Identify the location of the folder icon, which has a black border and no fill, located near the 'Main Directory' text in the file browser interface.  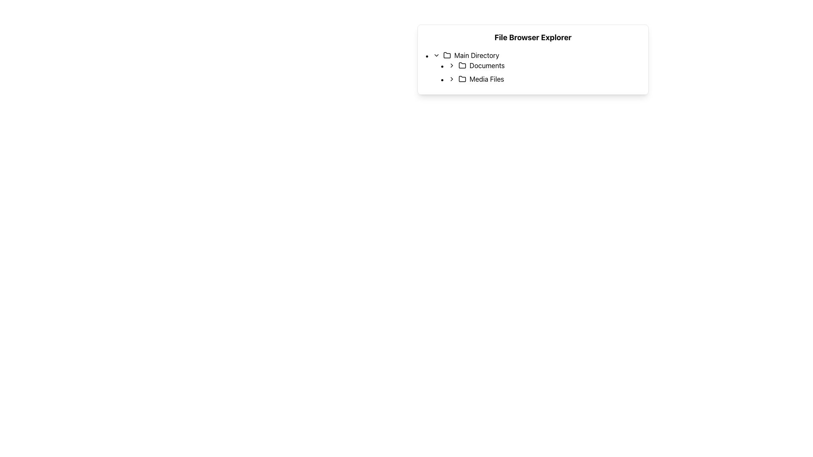
(447, 55).